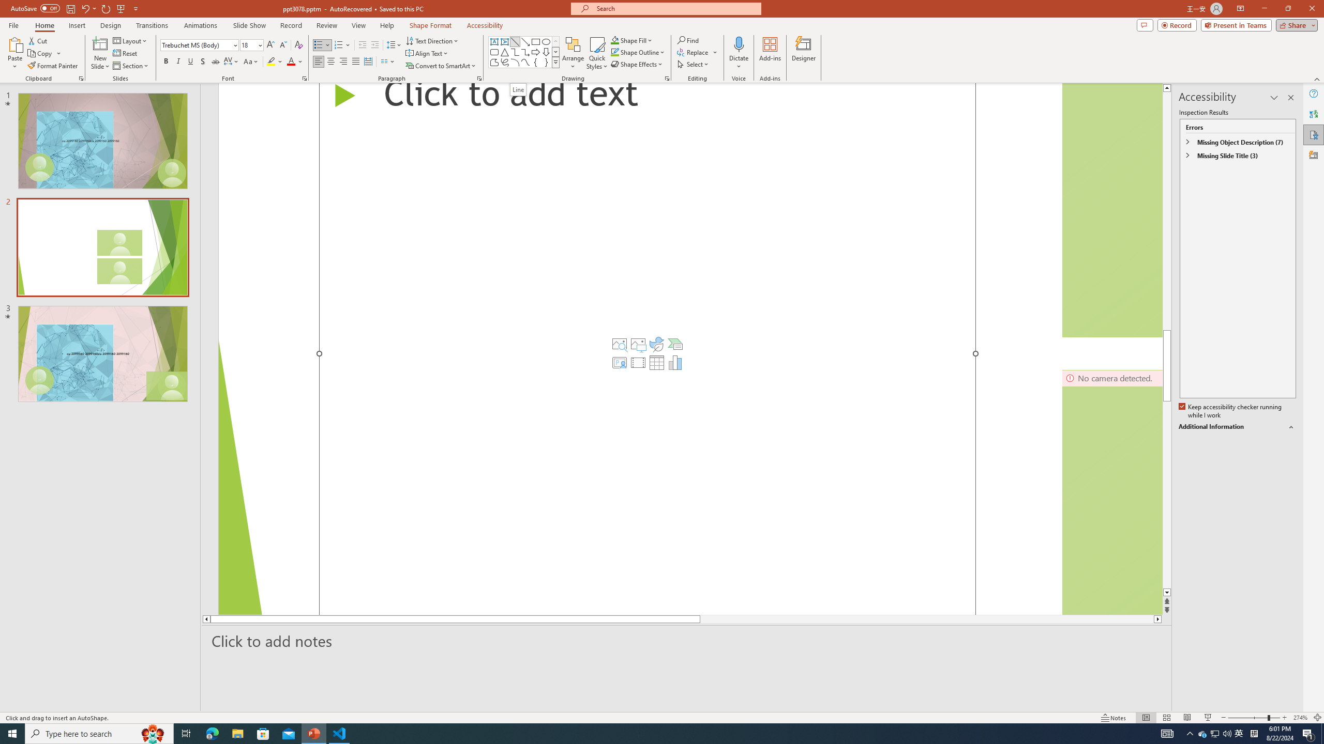 The image size is (1324, 744). I want to click on 'Insert a SmartArt Graphic', so click(674, 344).